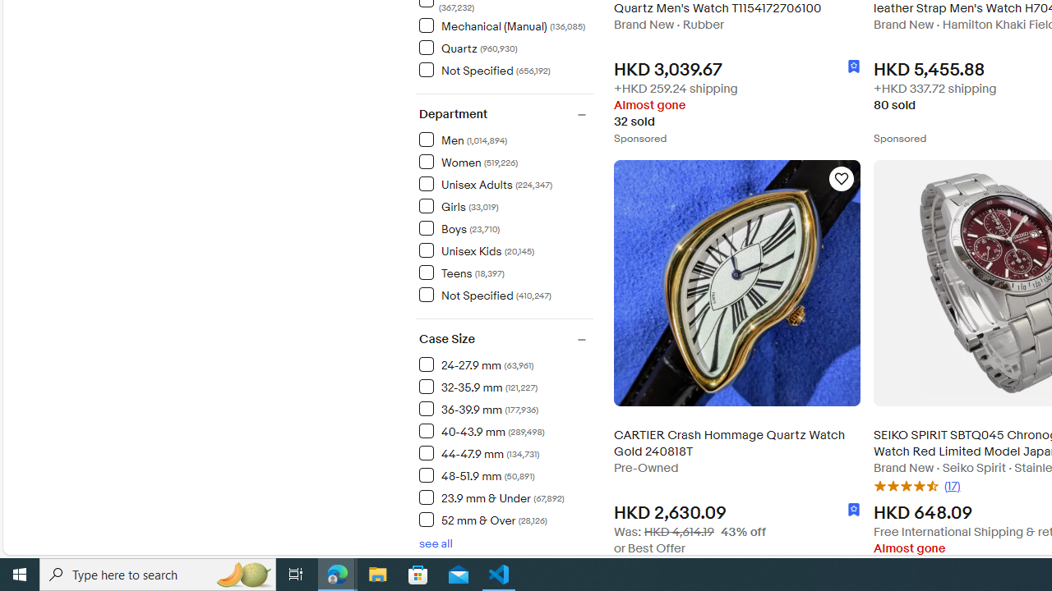 The width and height of the screenshot is (1052, 591). What do you see at coordinates (501, 25) in the screenshot?
I see `'Mechanical (Manual) (136,085) Items'` at bounding box center [501, 25].